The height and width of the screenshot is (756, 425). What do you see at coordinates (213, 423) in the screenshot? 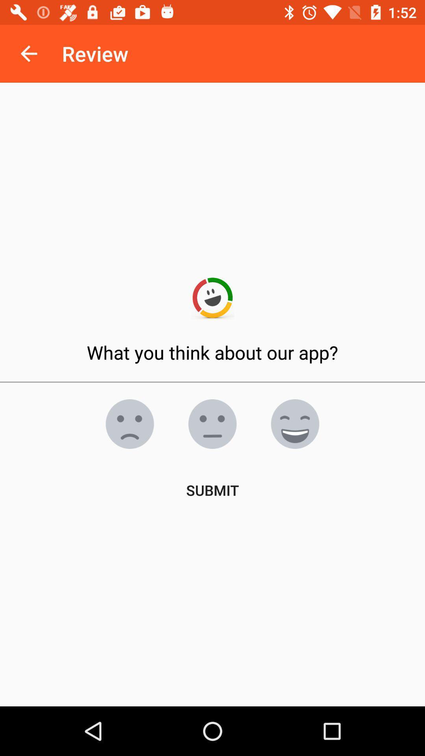
I see `pick neutral option` at bounding box center [213, 423].